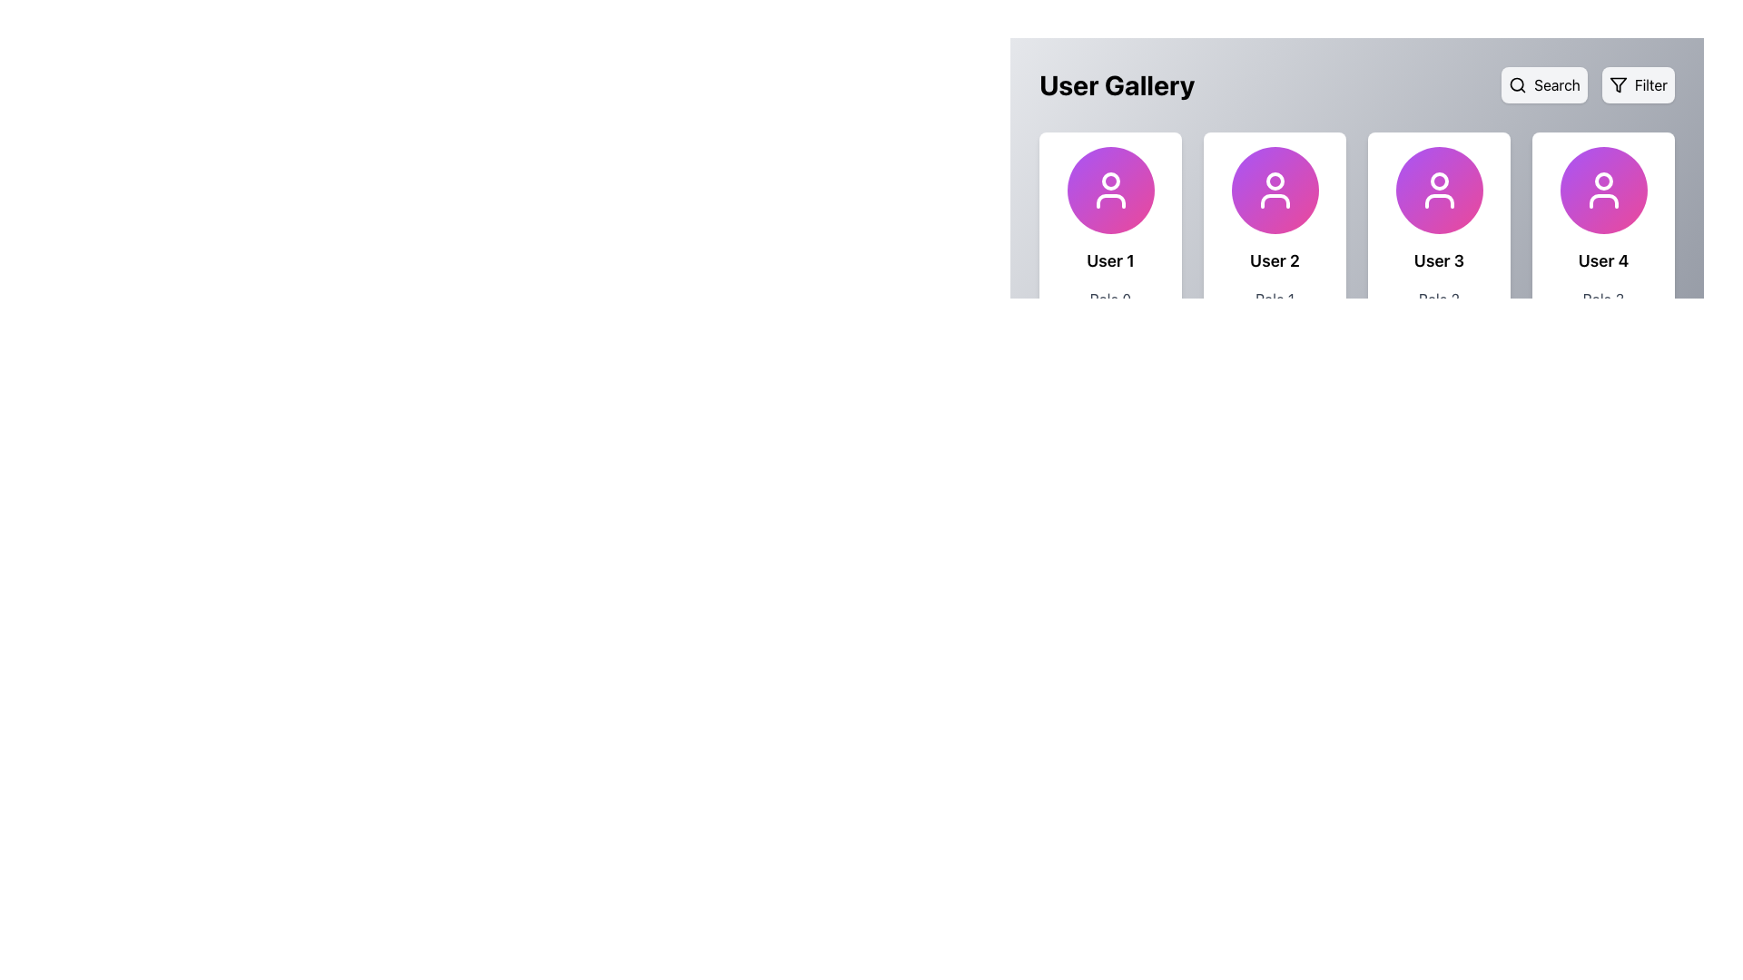 The image size is (1743, 980). Describe the element at coordinates (1603, 190) in the screenshot. I see `the Circular Icon with Avatar representing 'User 4', which is located at the top of the card titled 'User 4' in the 'User Gallery' section` at that location.